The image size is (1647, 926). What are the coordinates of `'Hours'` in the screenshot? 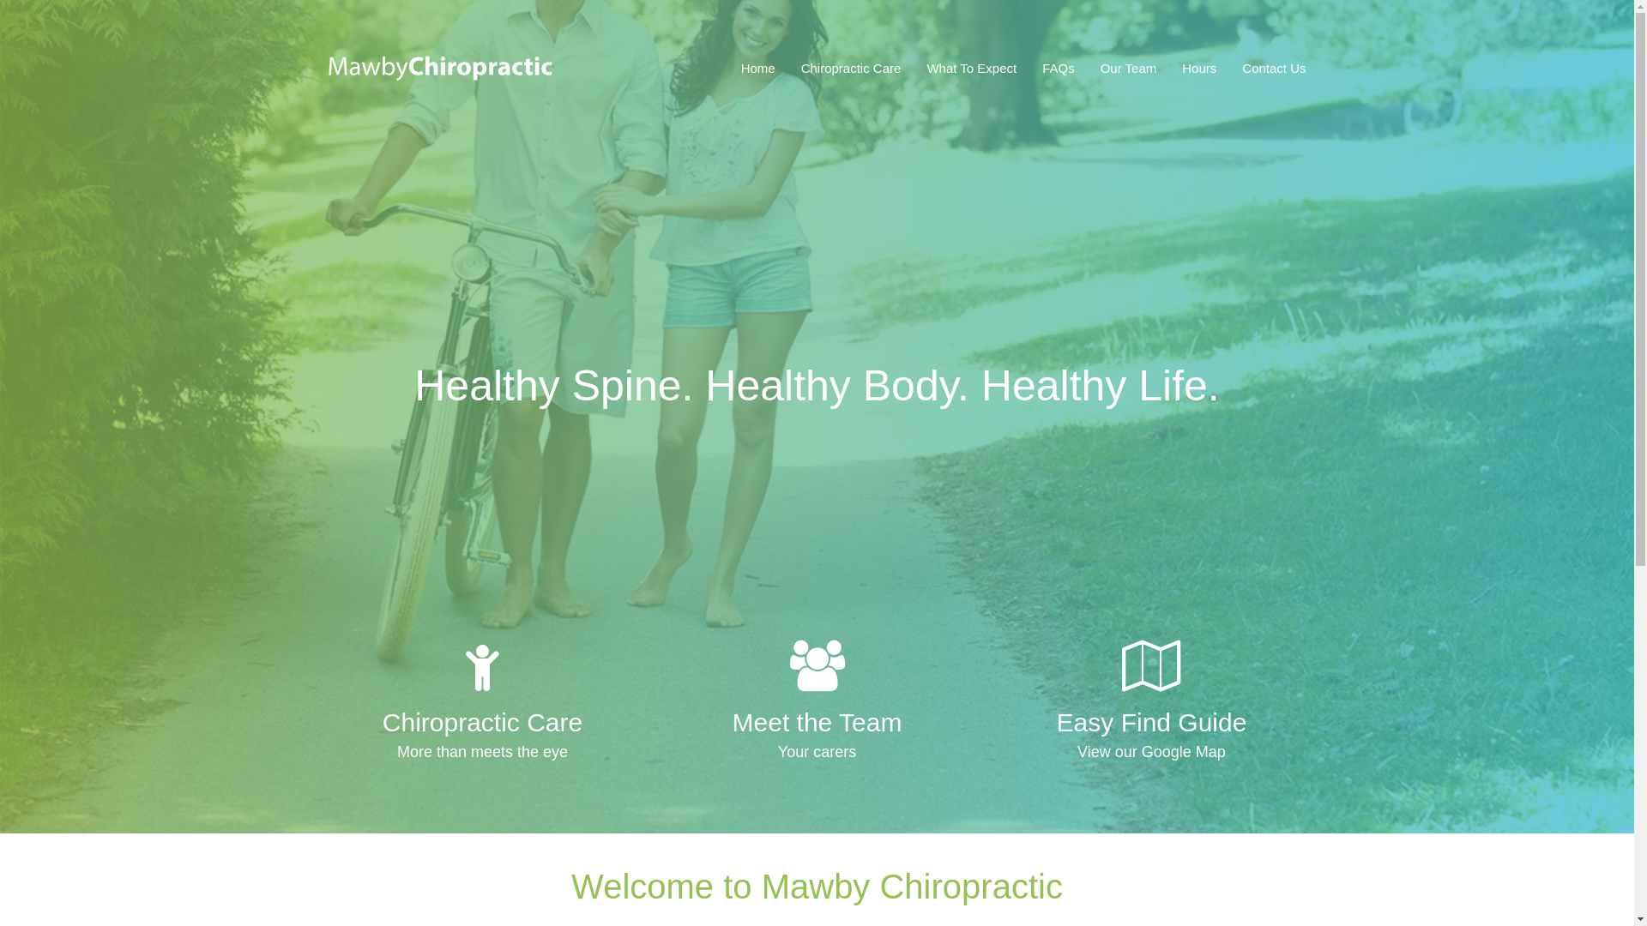 It's located at (1198, 68).